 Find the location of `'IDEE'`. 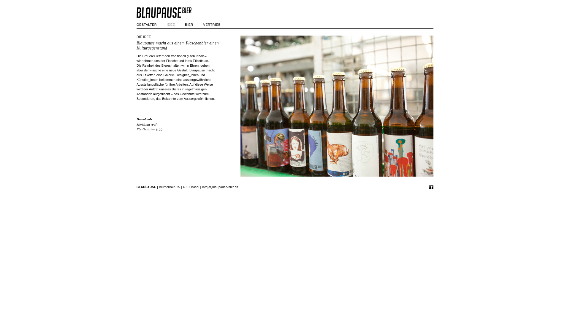

'IDEE' is located at coordinates (166, 24).